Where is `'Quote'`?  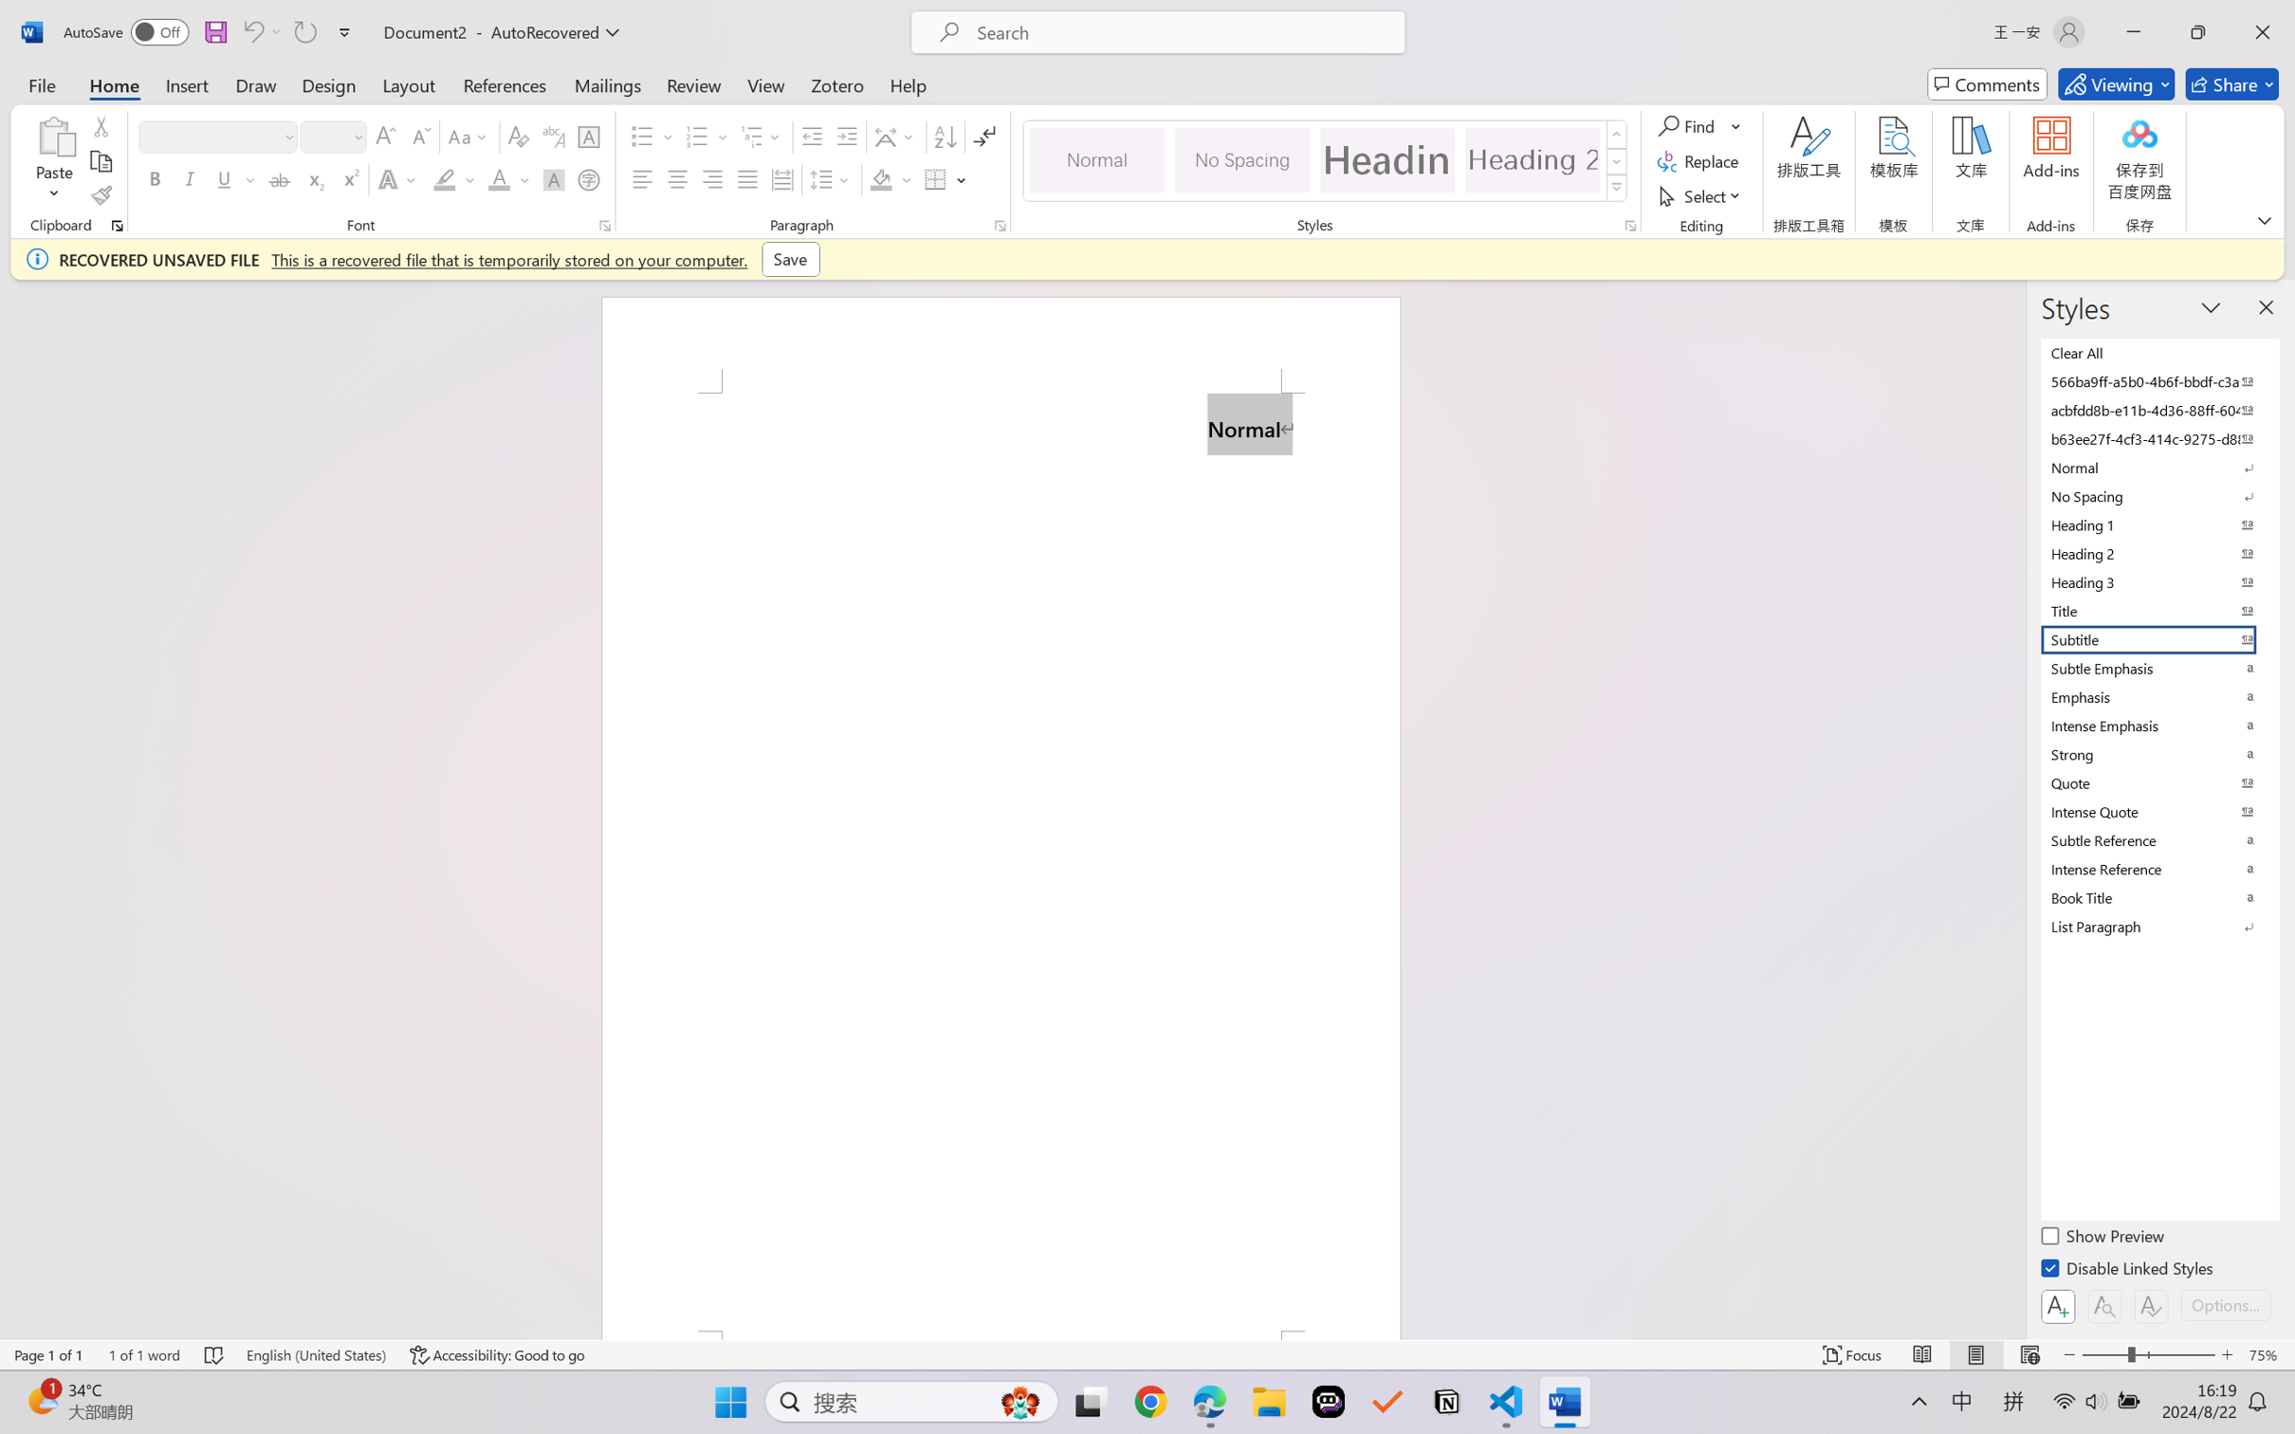
'Quote' is located at coordinates (2157, 781).